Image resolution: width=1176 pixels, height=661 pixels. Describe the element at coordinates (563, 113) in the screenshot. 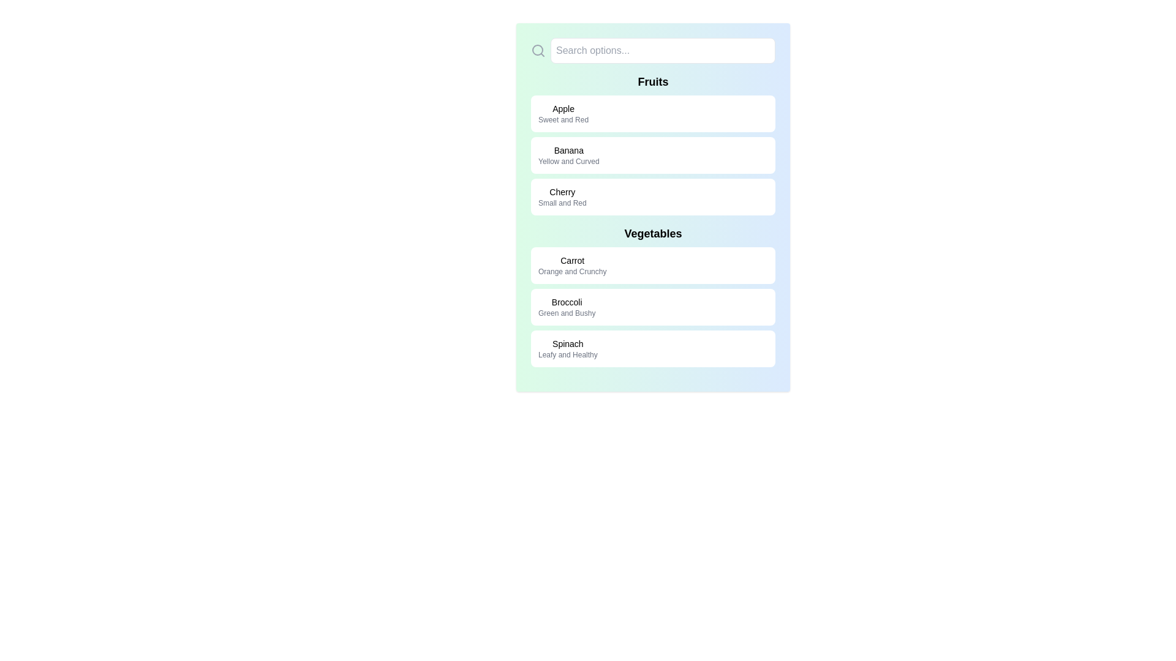

I see `text on the descriptive label for 'Apple' that displays 'Sweet and Red', located at the top of the Fruits section` at that location.